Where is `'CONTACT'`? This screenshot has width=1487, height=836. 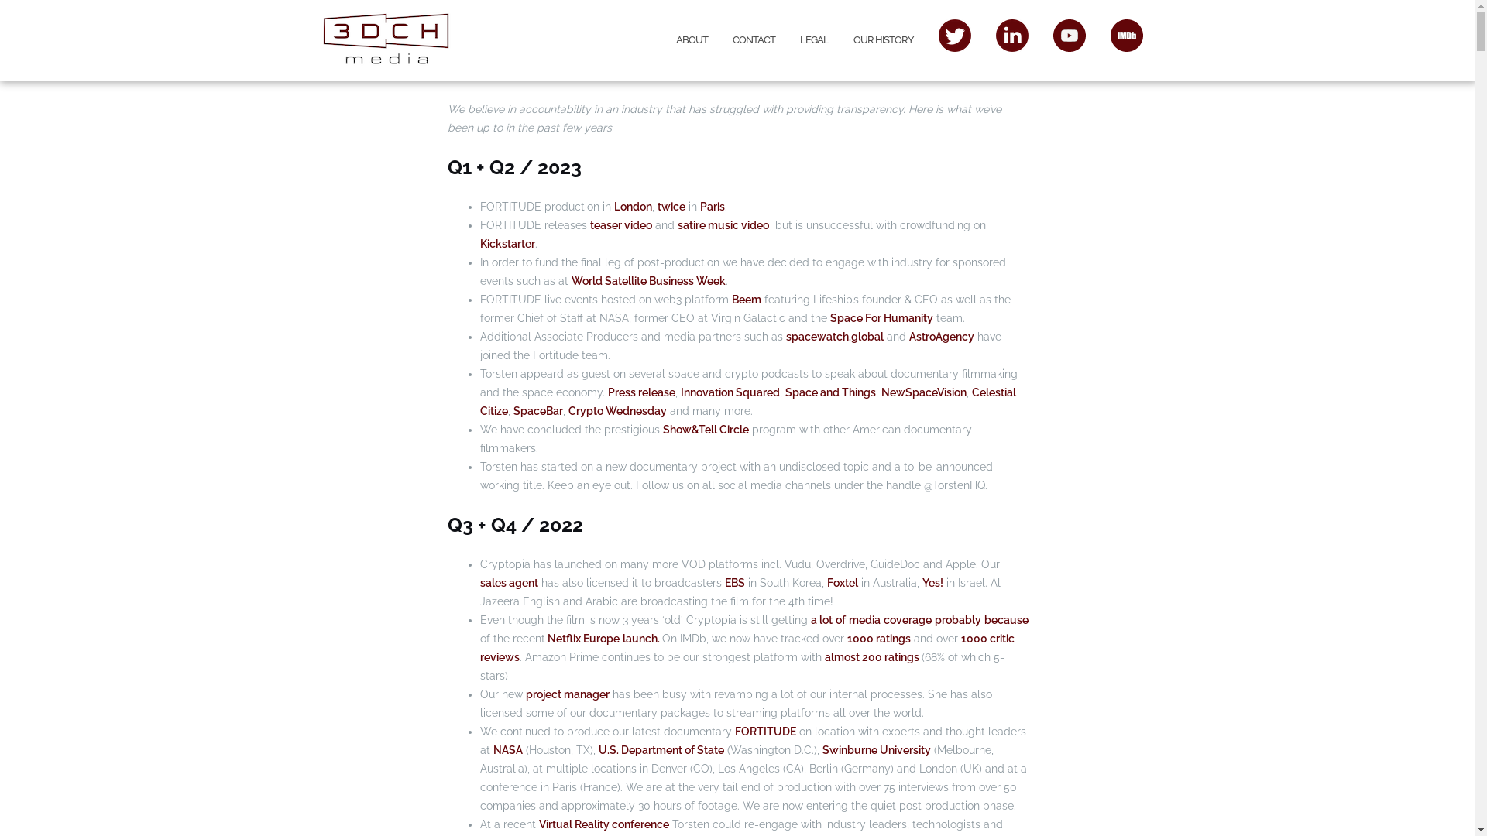
'CONTACT' is located at coordinates (754, 39).